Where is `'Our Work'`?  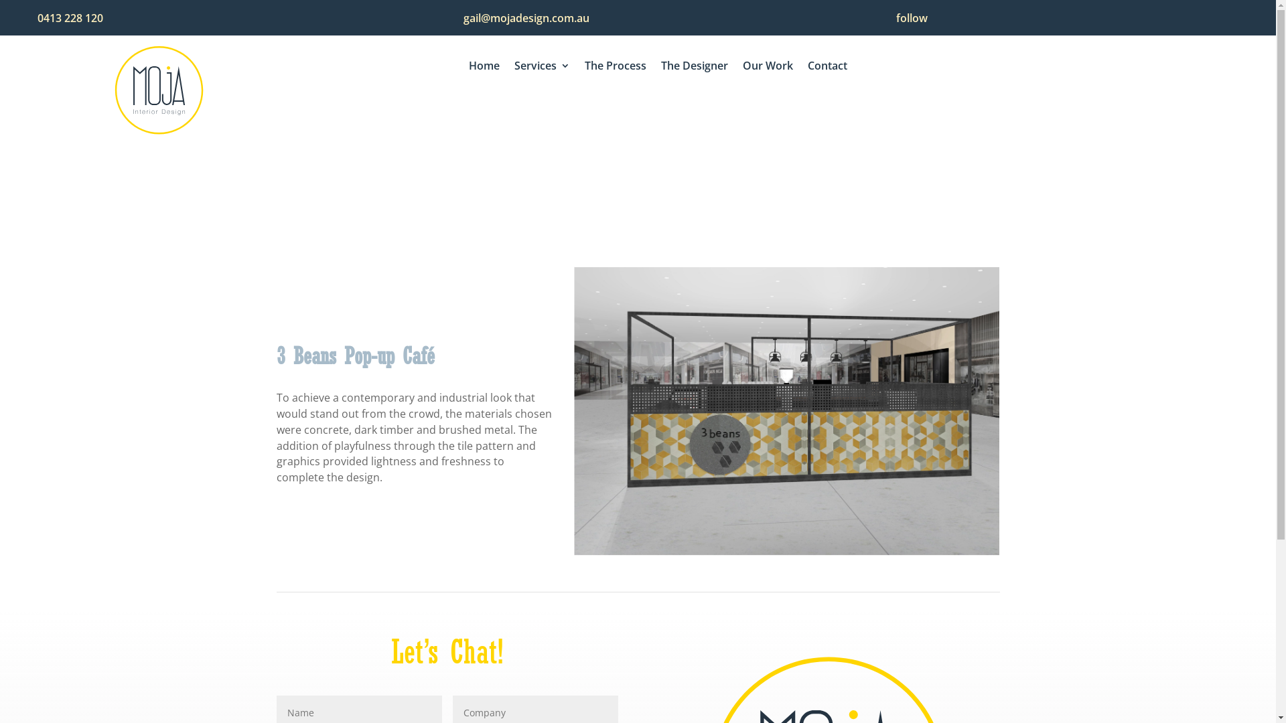
'Our Work' is located at coordinates (768, 68).